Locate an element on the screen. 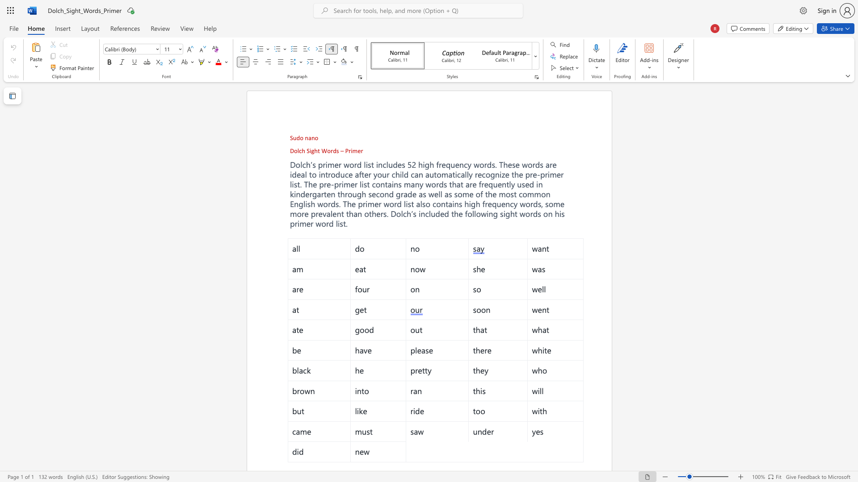 This screenshot has height=482, width=858. the subset text "of the most common English word" within the text "used in kindergarten through second grade as well as some of the most common English words. The primer word list also" is located at coordinates (475, 194).